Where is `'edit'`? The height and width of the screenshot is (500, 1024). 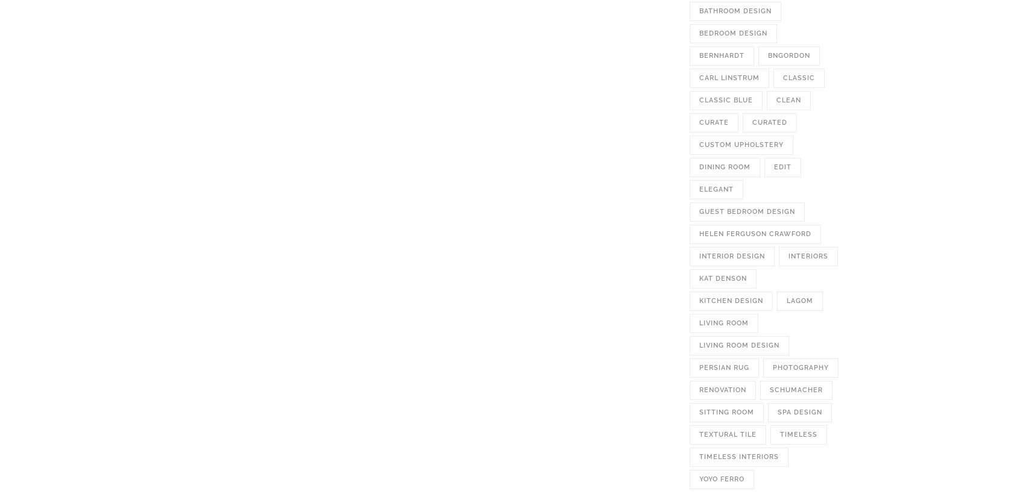 'edit' is located at coordinates (774, 167).